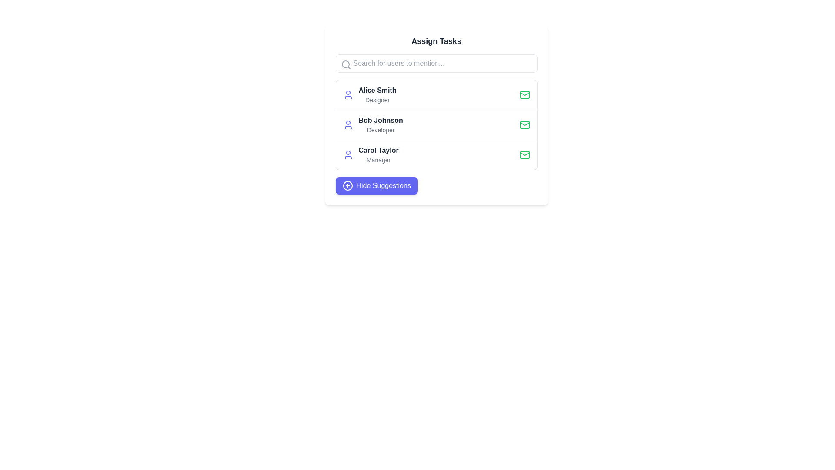  Describe the element at coordinates (381, 130) in the screenshot. I see `the small text label 'Developer' located directly below the larger 'Bob Johnson' label in the 'Assign Tasks' panel` at that location.